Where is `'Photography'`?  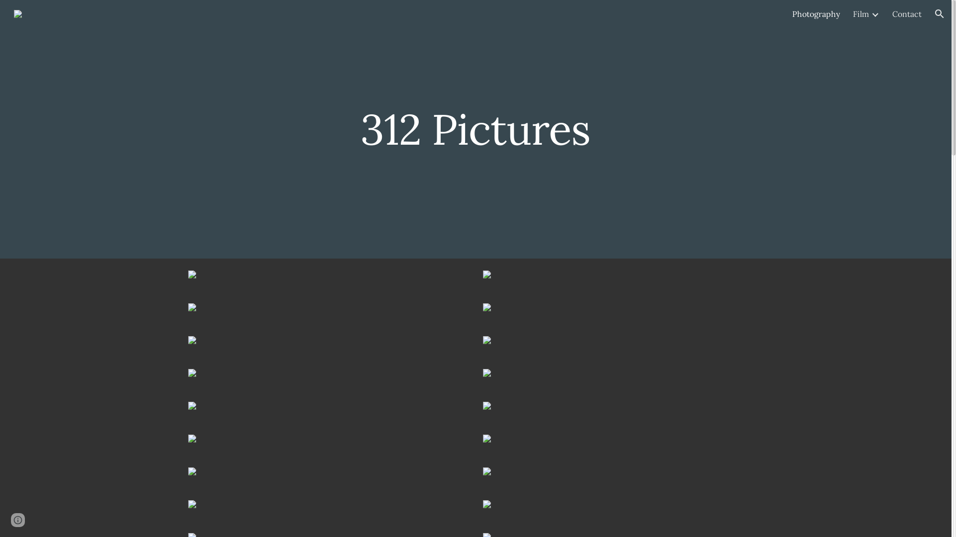 'Photography' is located at coordinates (816, 13).